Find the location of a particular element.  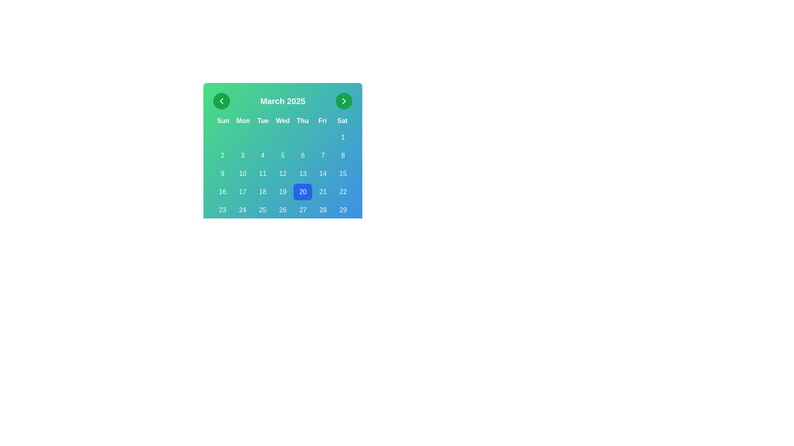

the interactive button-like grid cell representing the date '23' in the calendar grid is located at coordinates (222, 210).